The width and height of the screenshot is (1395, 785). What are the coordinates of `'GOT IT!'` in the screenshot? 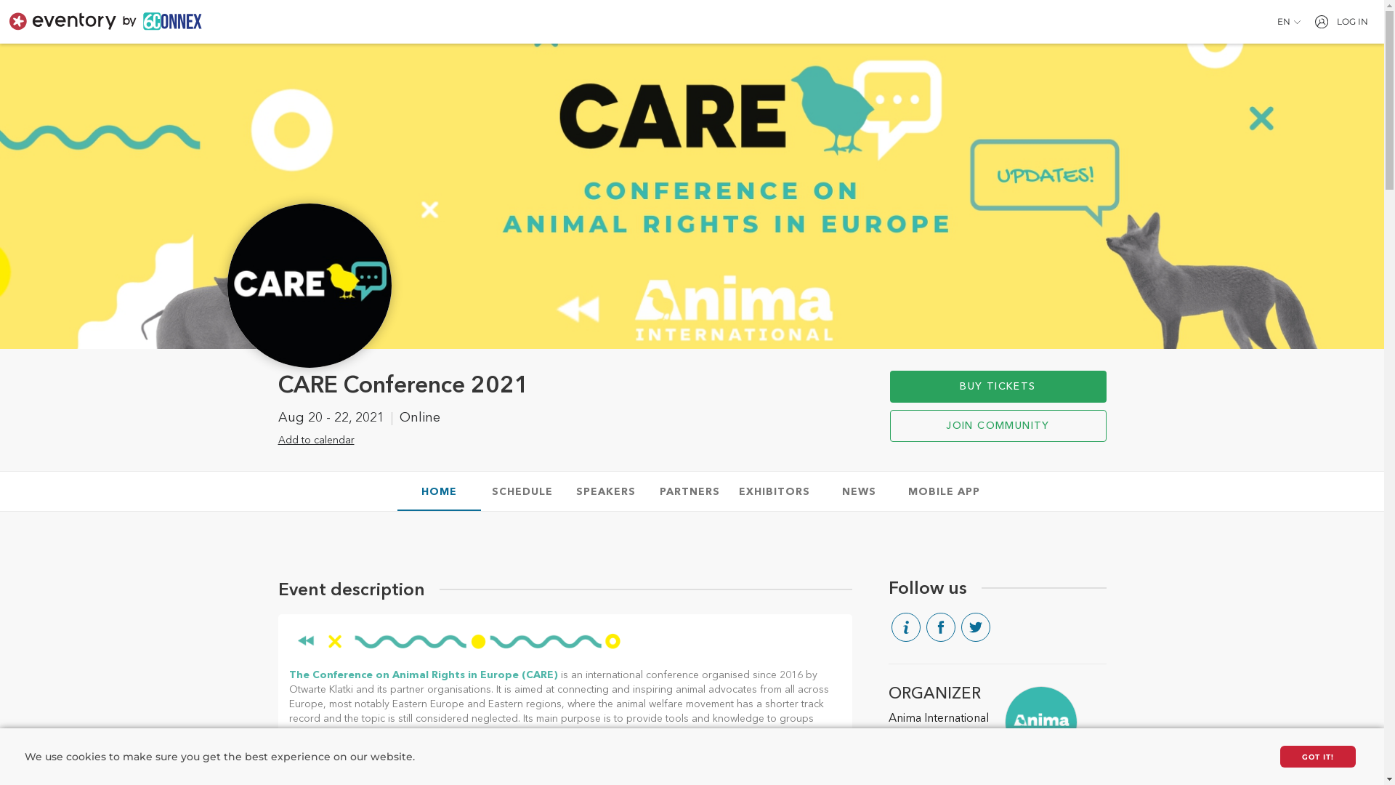 It's located at (1318, 756).